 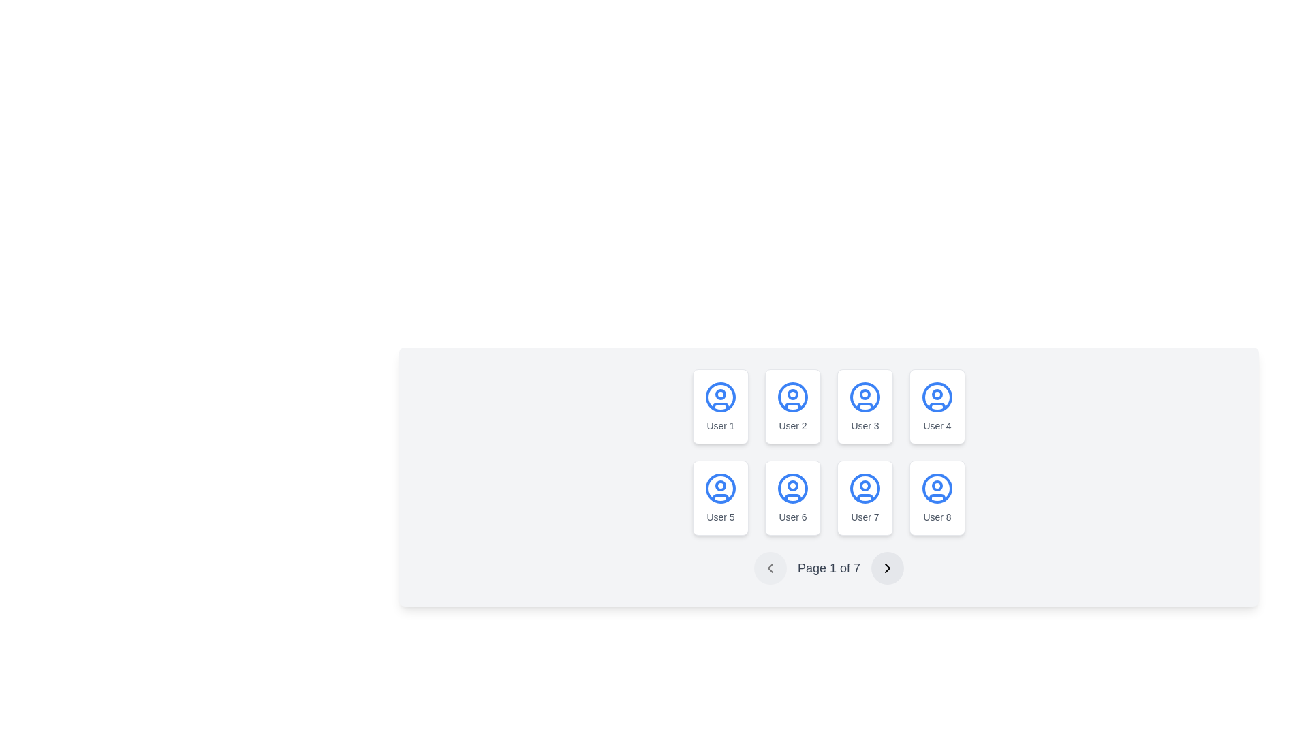 What do you see at coordinates (792, 498) in the screenshot?
I see `the Card element representing 'User 6', located in the second row and second column of a 4x2 grid layout` at bounding box center [792, 498].